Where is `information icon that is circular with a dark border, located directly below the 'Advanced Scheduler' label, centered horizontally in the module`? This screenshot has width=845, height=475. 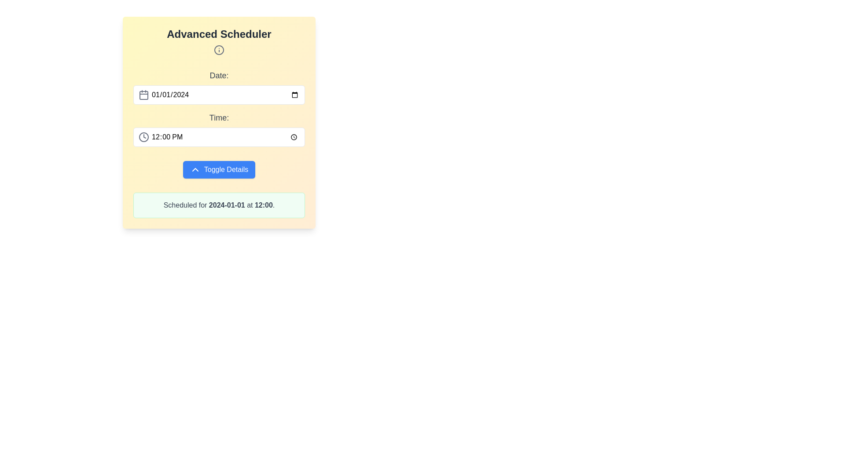 information icon that is circular with a dark border, located directly below the 'Advanced Scheduler' label, centered horizontally in the module is located at coordinates (219, 50).